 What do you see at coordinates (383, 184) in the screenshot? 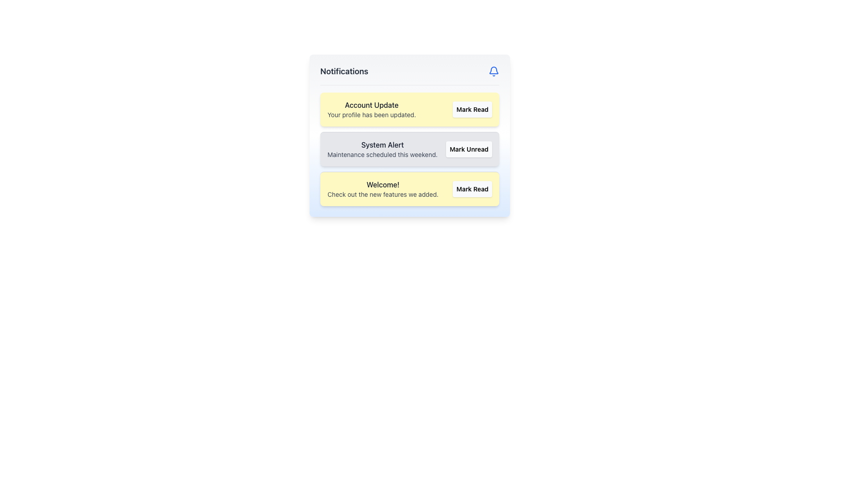
I see `text label that displays 'Welcome!' in dark gray on a yellow notification card` at bounding box center [383, 184].